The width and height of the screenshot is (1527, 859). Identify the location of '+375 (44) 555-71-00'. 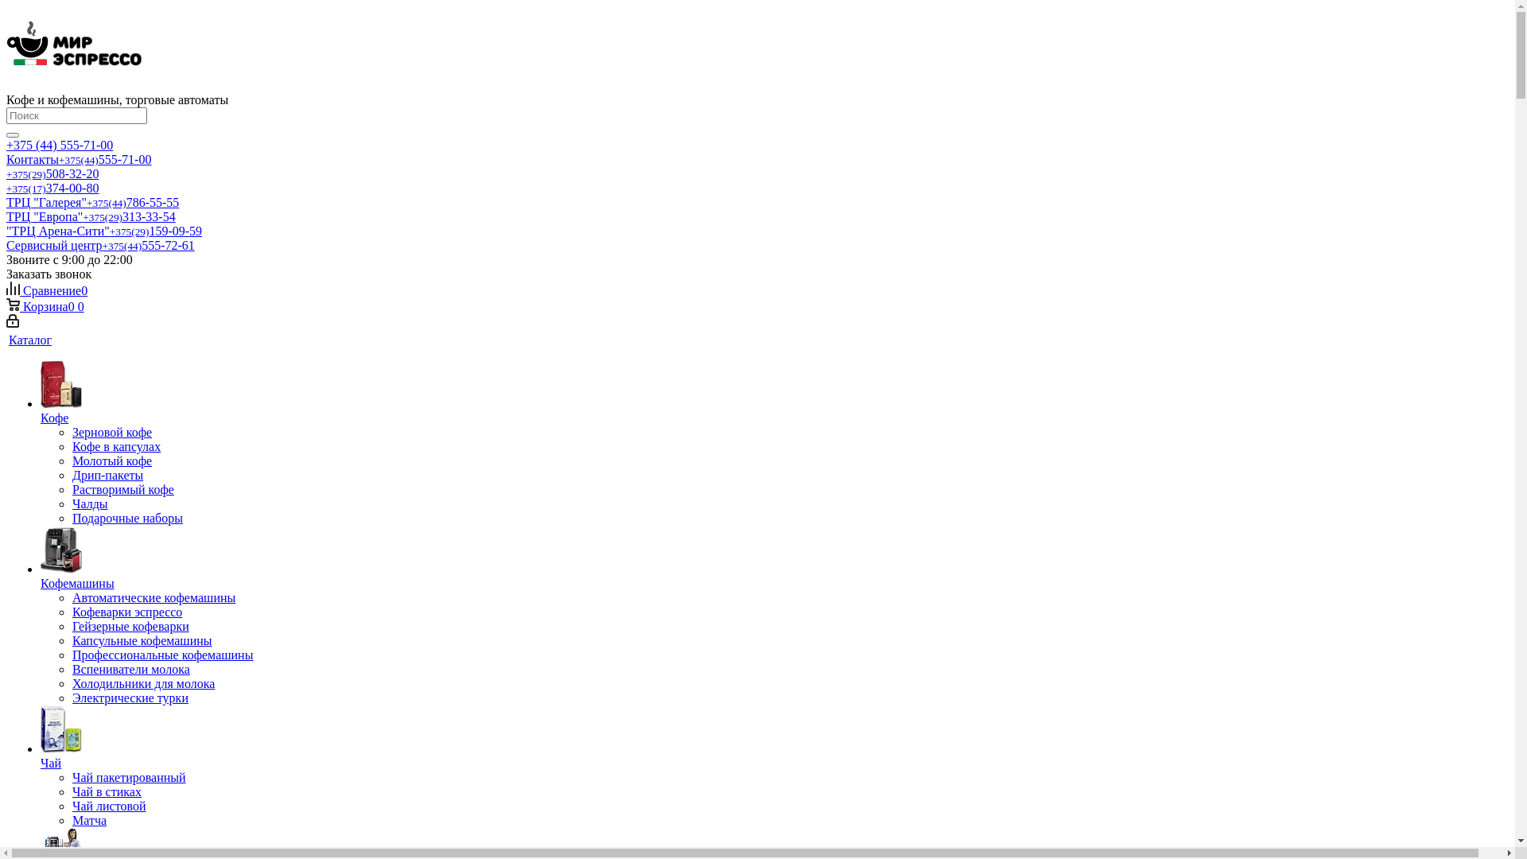
(60, 145).